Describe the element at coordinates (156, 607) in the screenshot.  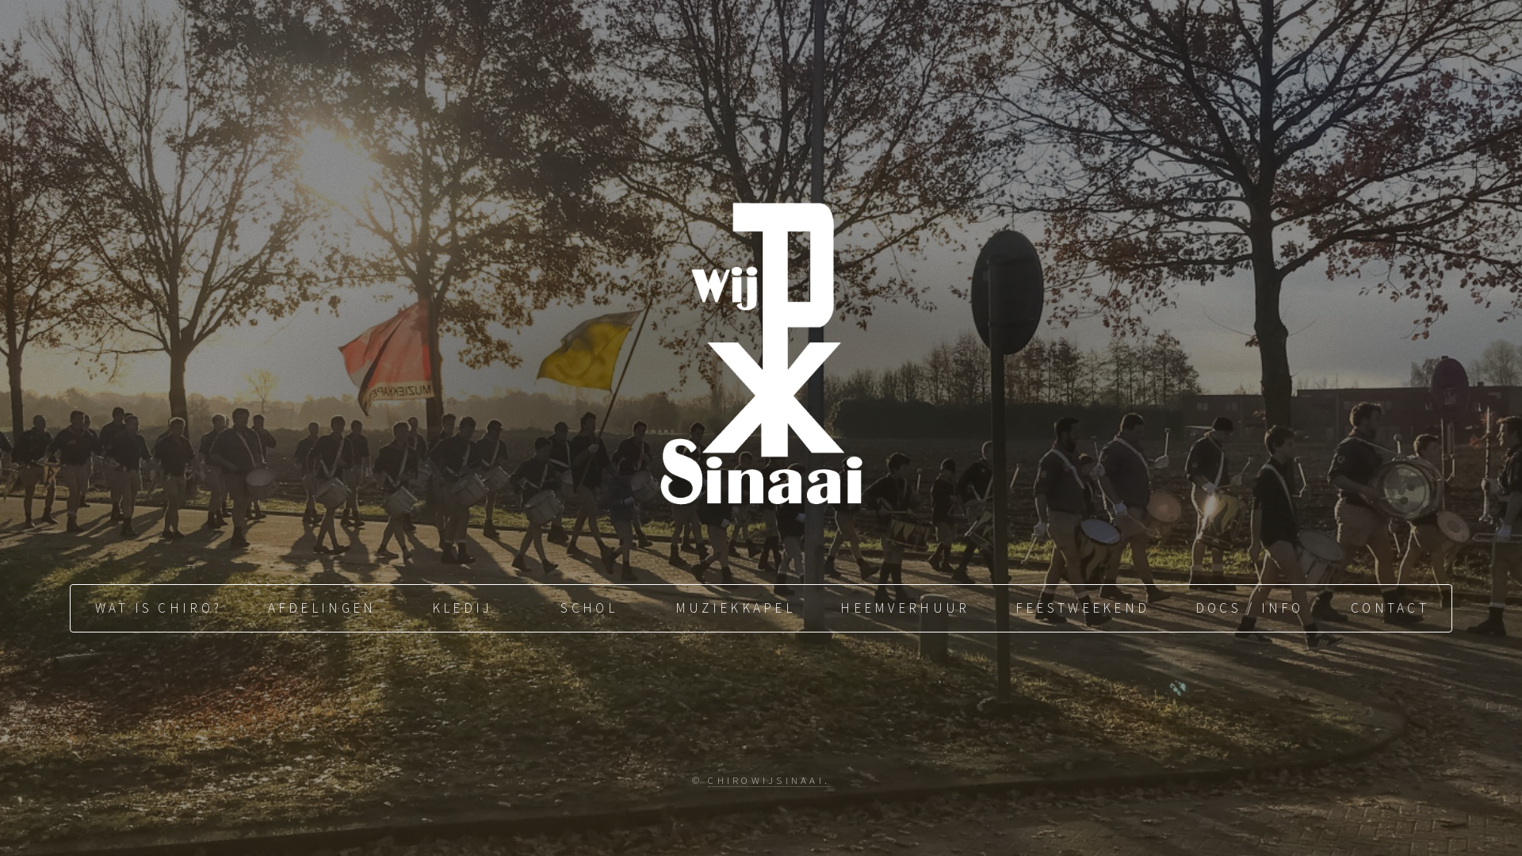
I see `'WAT IS CHIRO?'` at that location.